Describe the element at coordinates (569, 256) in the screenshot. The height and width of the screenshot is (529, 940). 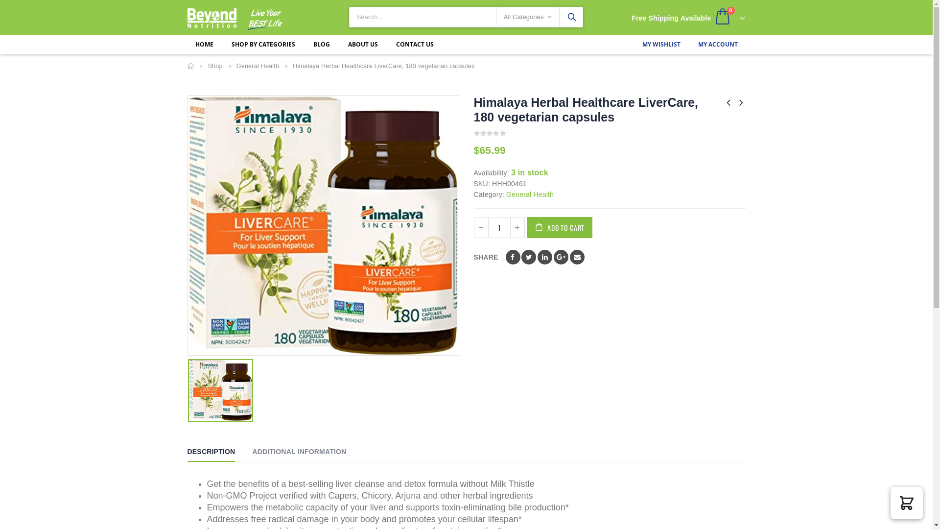
I see `'Email'` at that location.